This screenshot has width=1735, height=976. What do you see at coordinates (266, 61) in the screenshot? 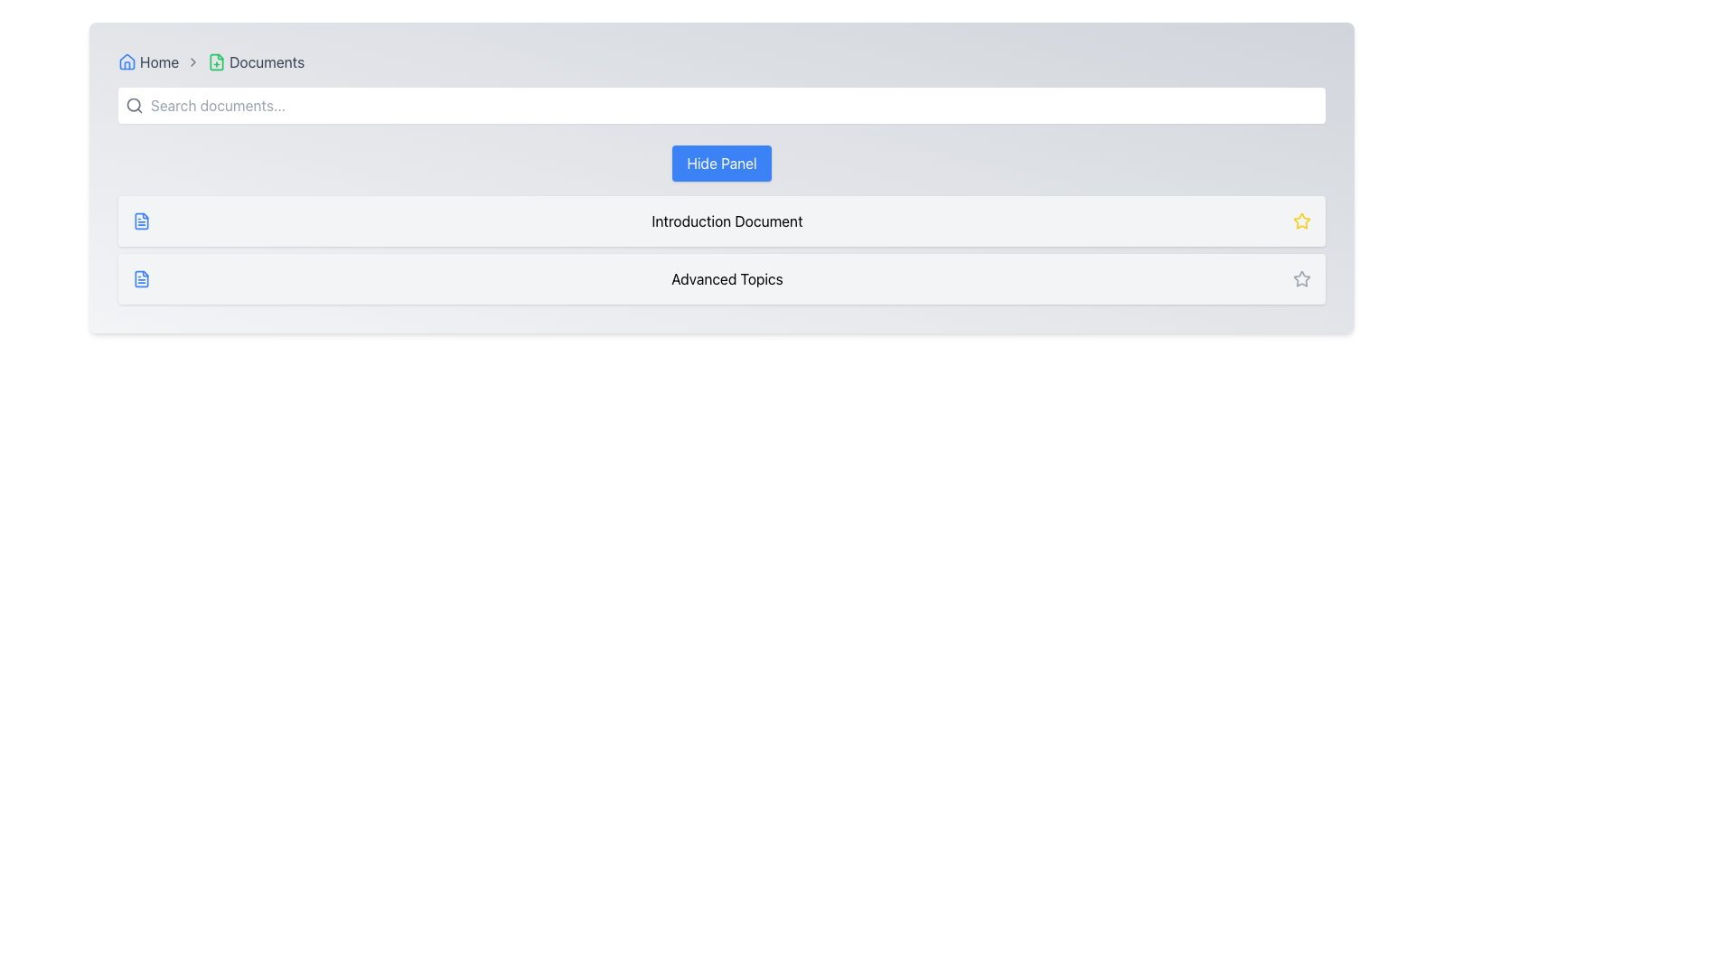
I see `the 'Documents' text label in the breadcrumb navigation bar, which is styled in a standard sans-serif font and positioned right after a green document icon with a plus sign` at bounding box center [266, 61].